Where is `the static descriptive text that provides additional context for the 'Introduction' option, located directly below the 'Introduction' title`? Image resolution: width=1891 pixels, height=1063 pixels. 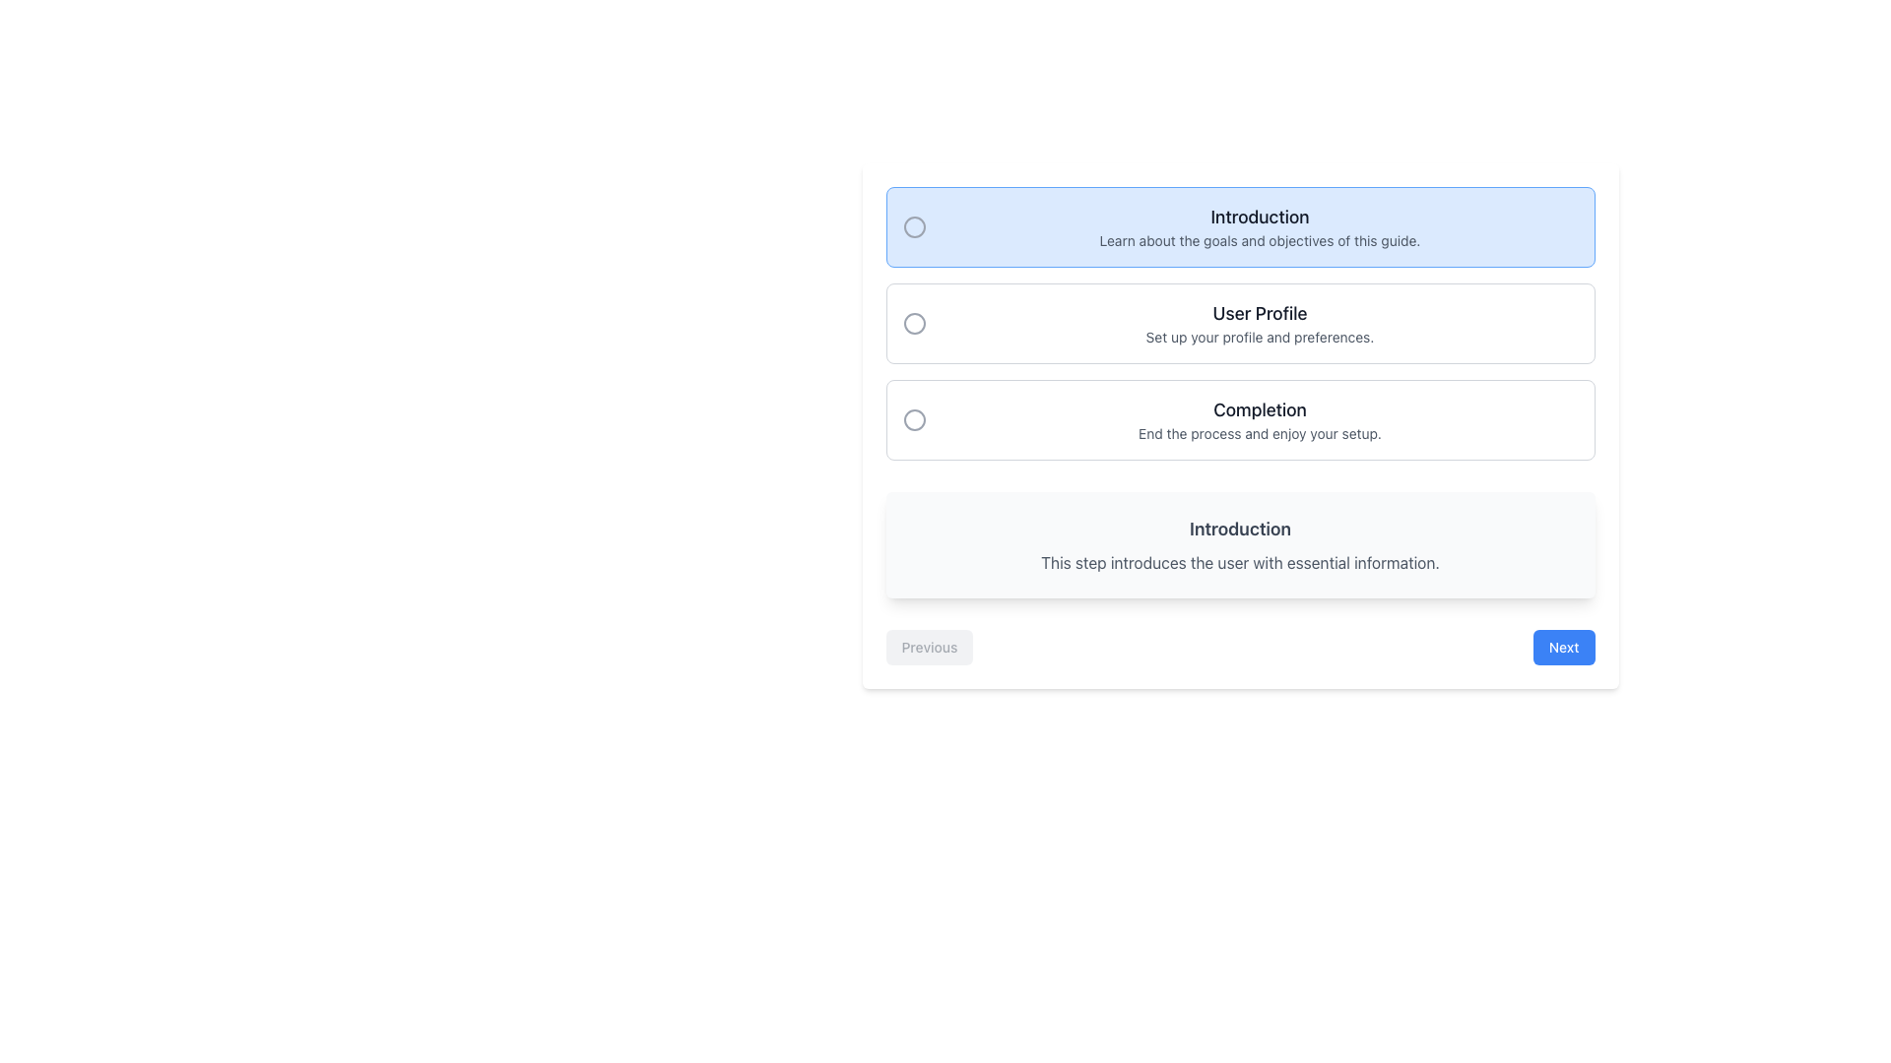
the static descriptive text that provides additional context for the 'Introduction' option, located directly below the 'Introduction' title is located at coordinates (1259, 240).